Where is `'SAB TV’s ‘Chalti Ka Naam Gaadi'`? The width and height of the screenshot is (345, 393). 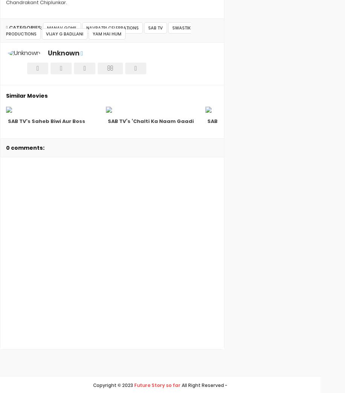
'SAB TV’s ‘Chalti Ka Naam Gaadi' is located at coordinates (150, 121).